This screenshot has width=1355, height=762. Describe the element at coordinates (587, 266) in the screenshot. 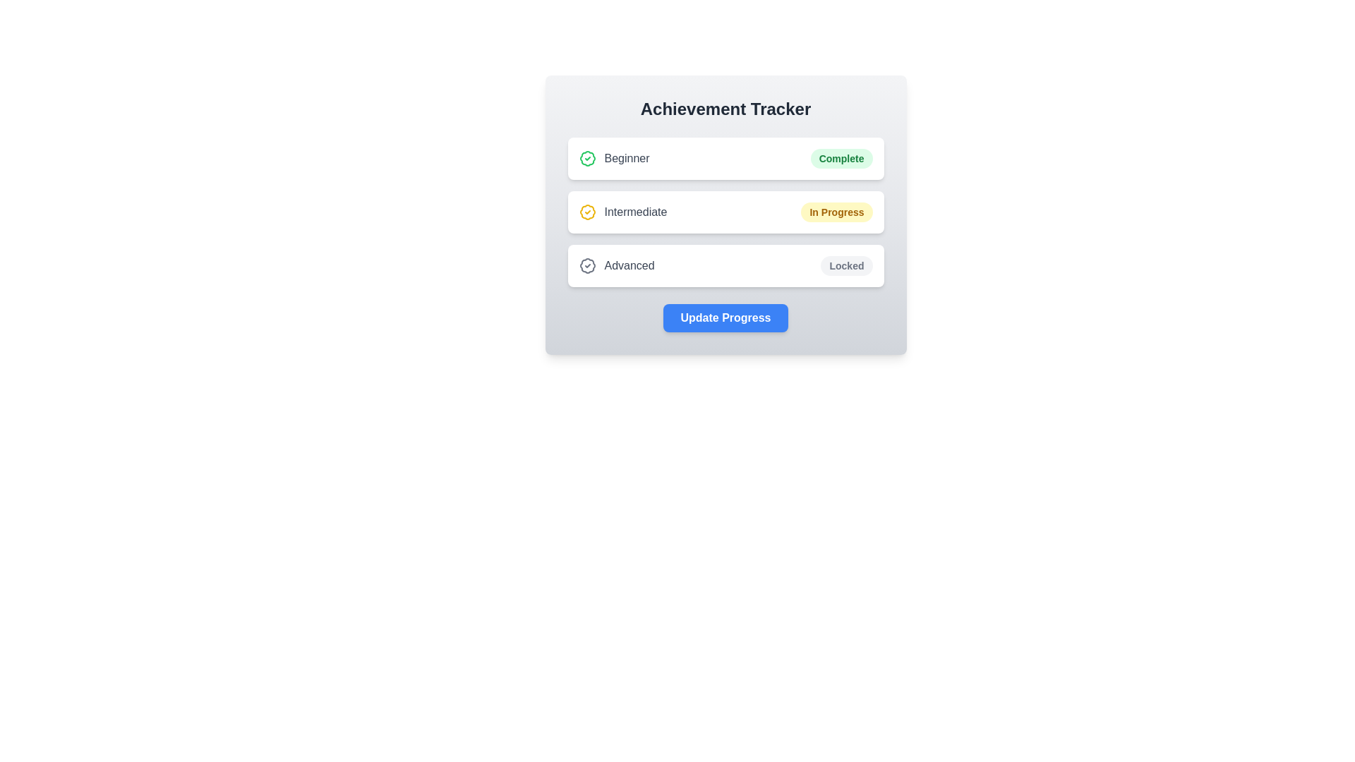

I see `the locked status icon representing the non-achievement of the 'Advanced' level in the Achievement Tracker interface, positioned near the 'Advanced' label` at that location.